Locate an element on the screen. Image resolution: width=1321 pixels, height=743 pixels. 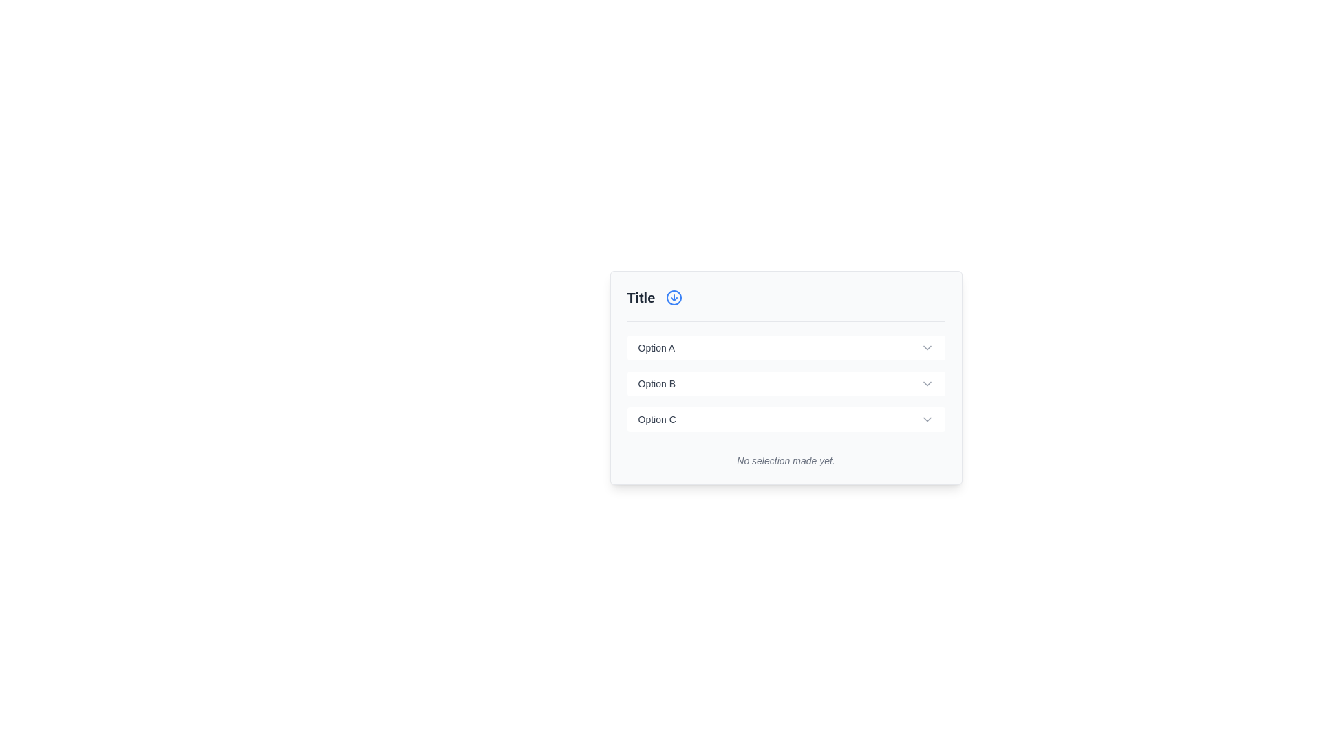
to select 'Option A', which is the first option in the dropdown list positioned directly below the title 'Title' is located at coordinates (786, 347).